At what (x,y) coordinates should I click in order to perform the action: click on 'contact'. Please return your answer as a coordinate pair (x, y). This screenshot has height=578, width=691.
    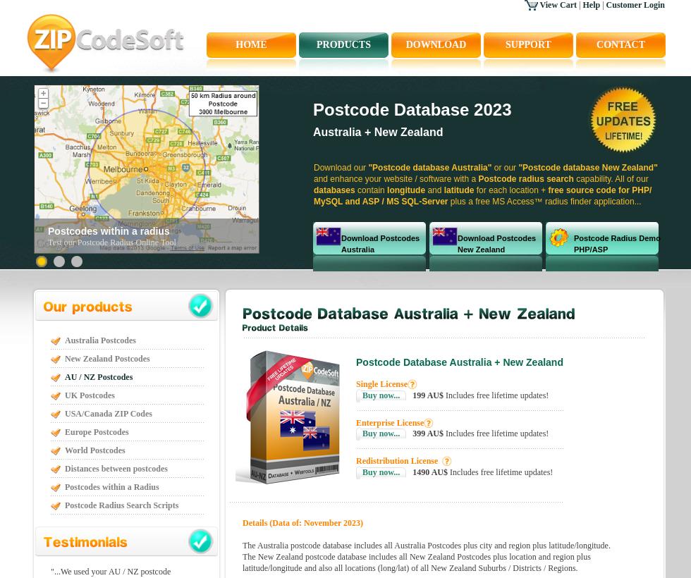
    Looking at the image, I should click on (620, 44).